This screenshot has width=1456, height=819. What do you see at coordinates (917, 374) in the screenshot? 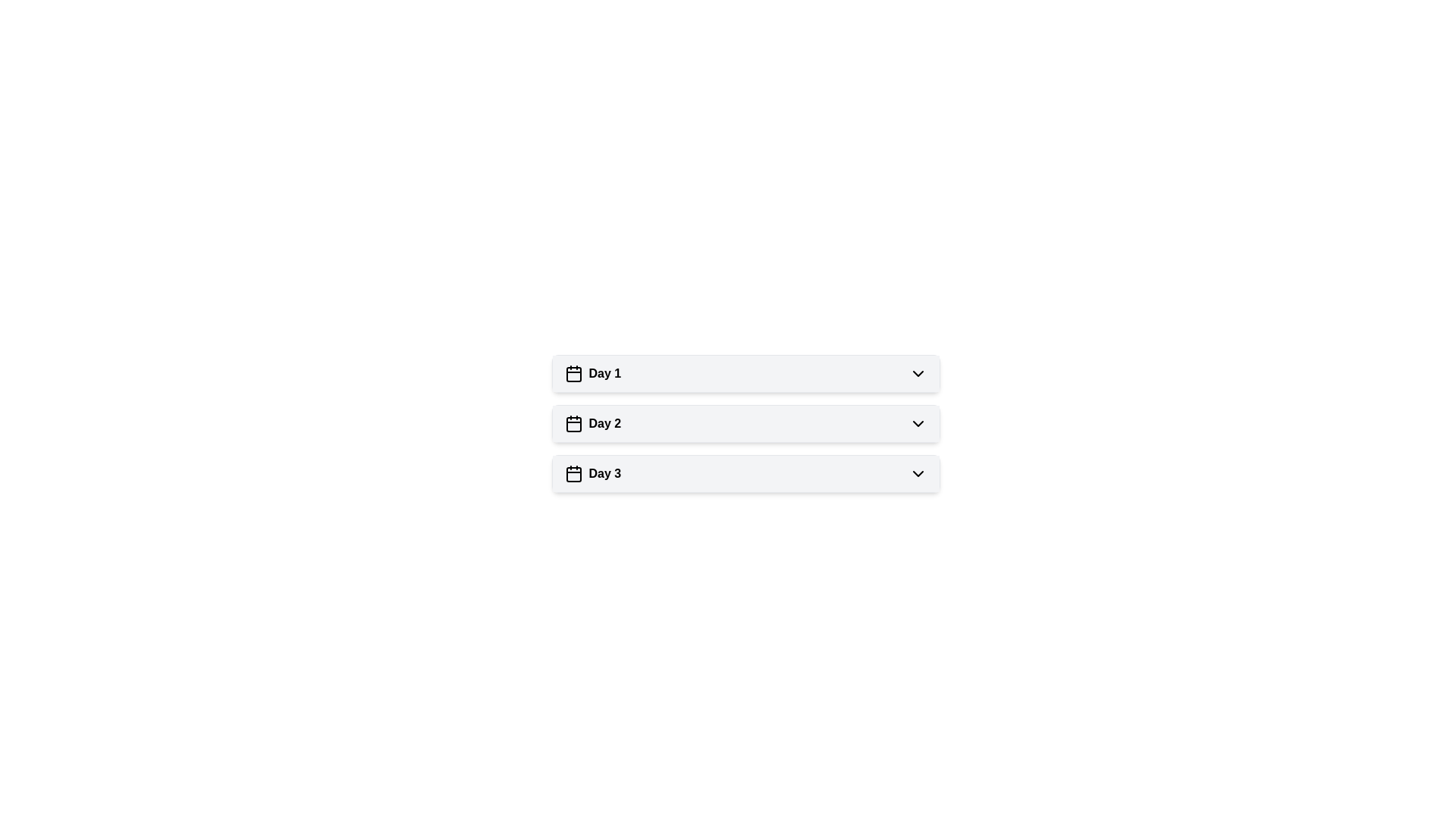
I see `the chevron down icon located at the far right of the 'Day 1' section` at bounding box center [917, 374].